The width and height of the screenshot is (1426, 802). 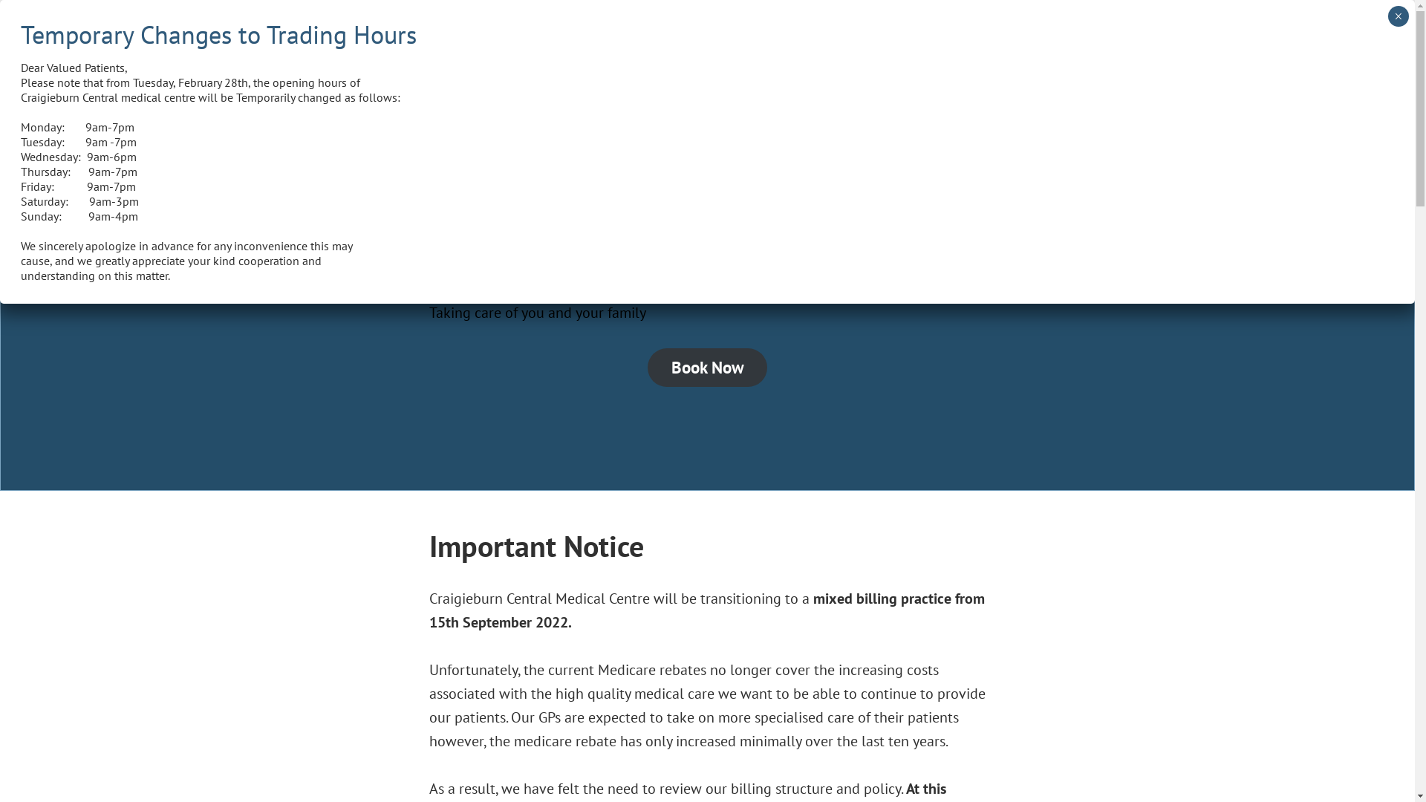 What do you see at coordinates (956, 45) in the screenshot?
I see `'Contact Us'` at bounding box center [956, 45].